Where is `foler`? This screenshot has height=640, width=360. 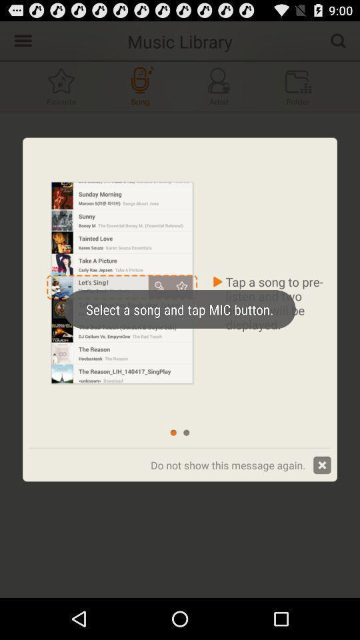
foler is located at coordinates (298, 85).